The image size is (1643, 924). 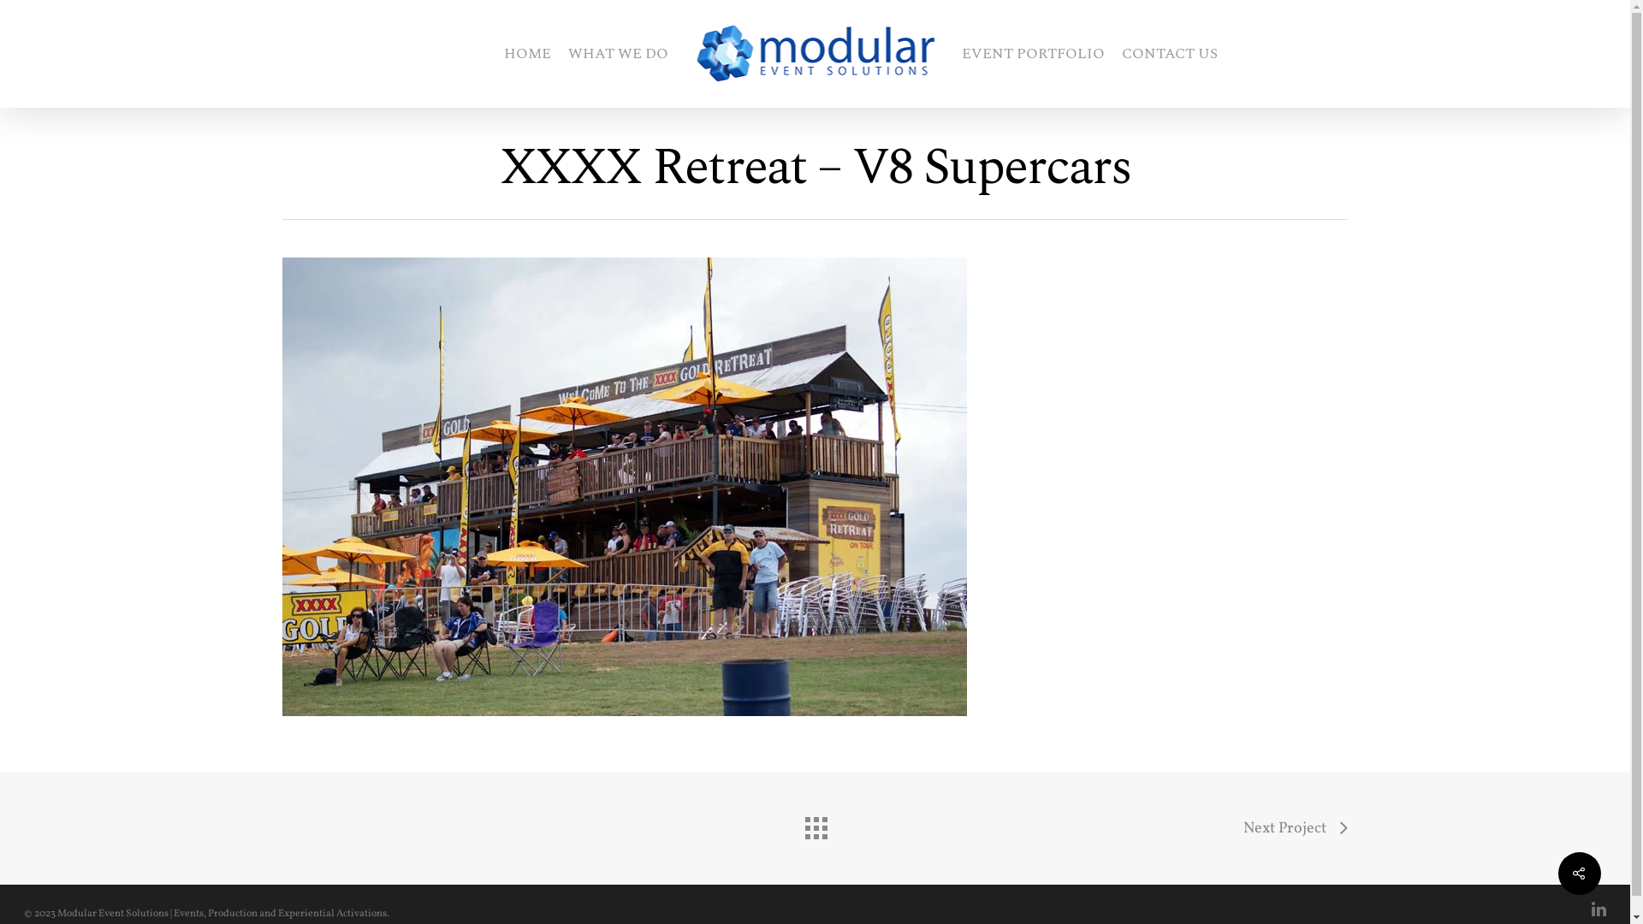 I want to click on 'Next Project', so click(x=1295, y=827).